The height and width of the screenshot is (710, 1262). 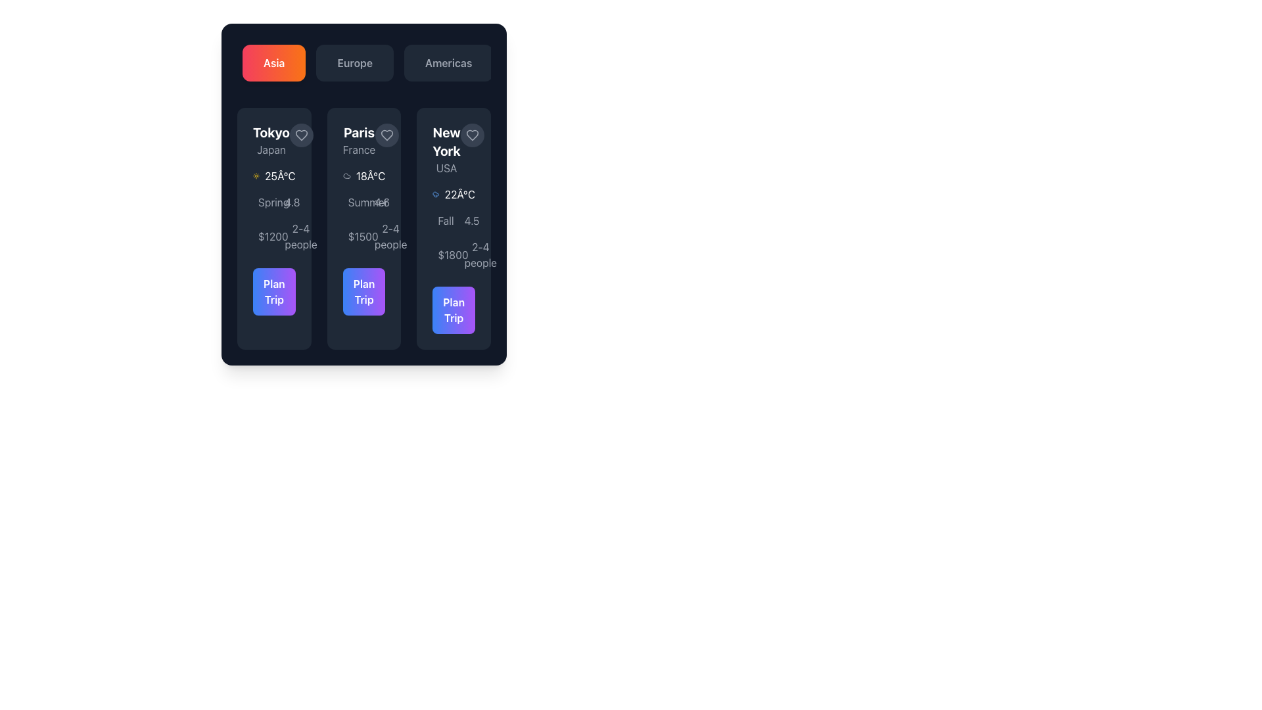 I want to click on the label displaying 'Paris' in bold white font, which is located in the top section of the second travel destination card, so click(x=359, y=140).